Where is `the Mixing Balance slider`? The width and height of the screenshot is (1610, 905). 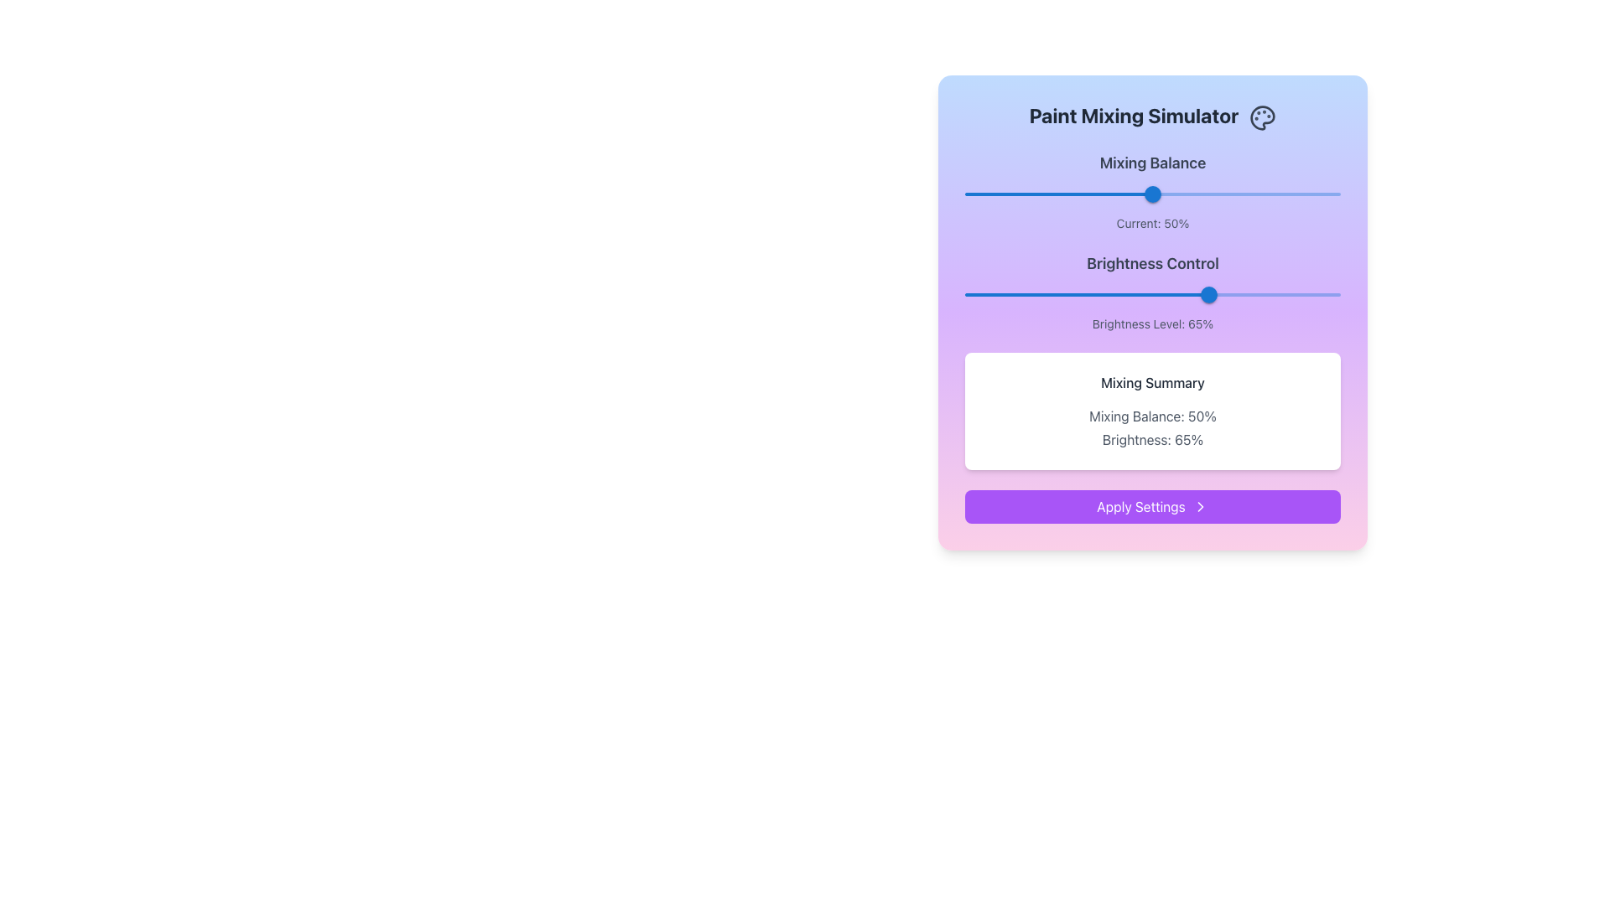 the Mixing Balance slider is located at coordinates (1261, 193).